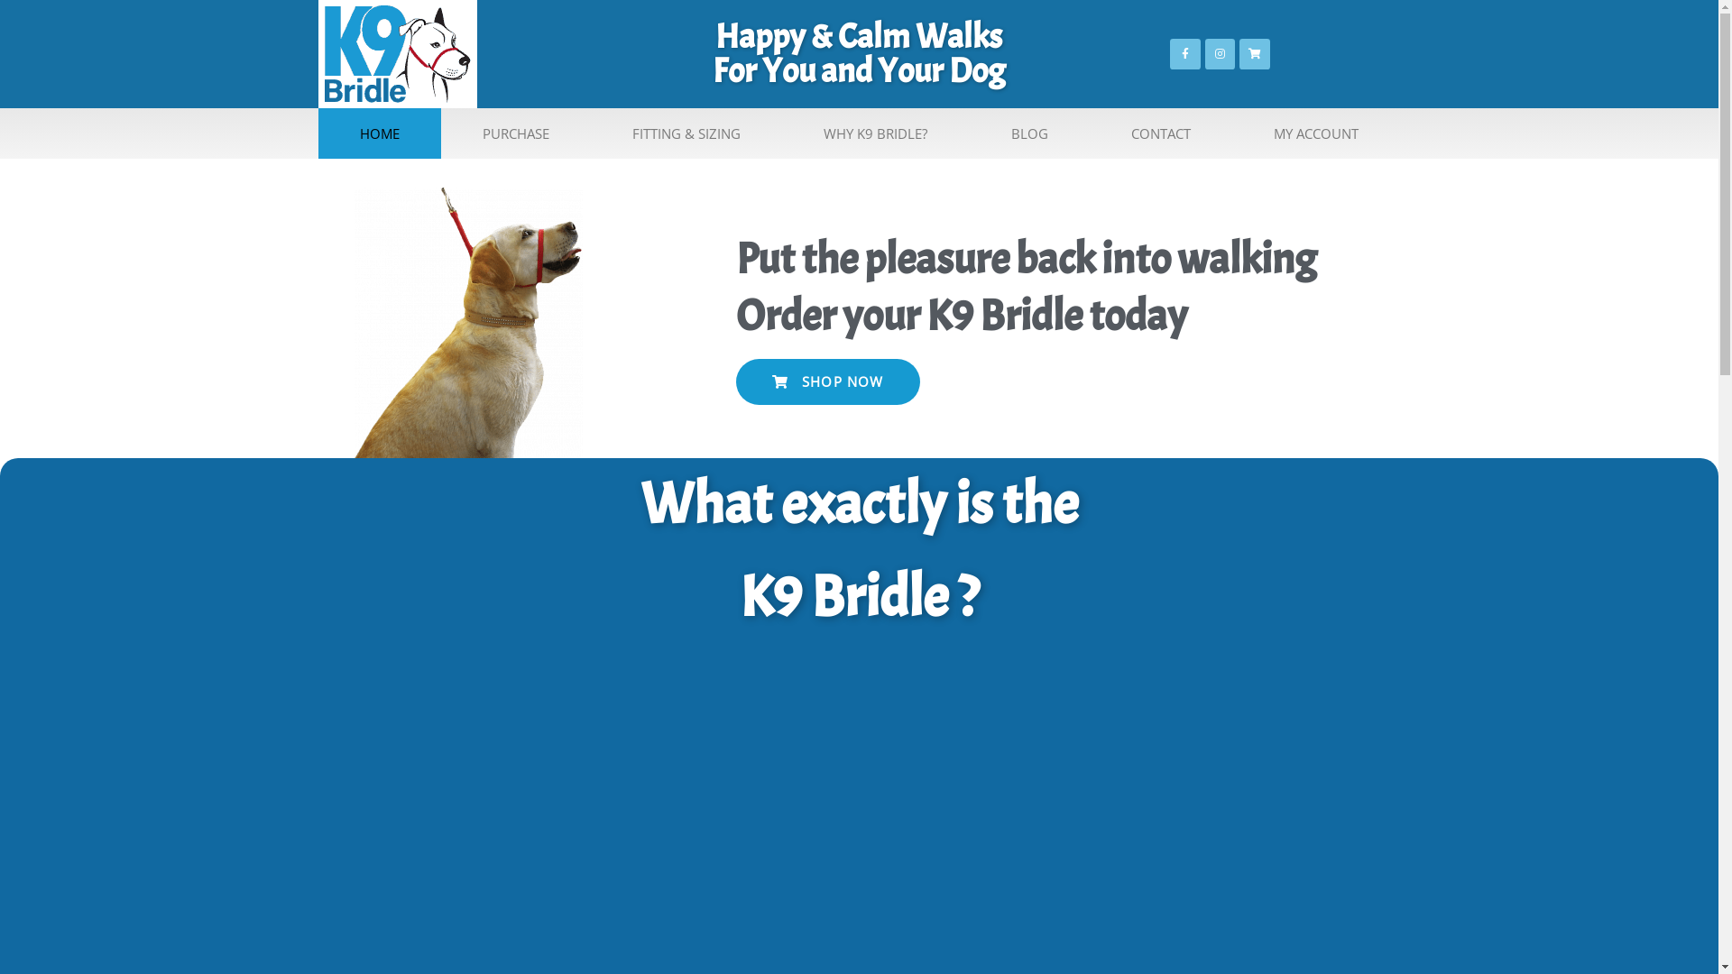 The height and width of the screenshot is (974, 1732). I want to click on 'Instagram', so click(1221, 53).